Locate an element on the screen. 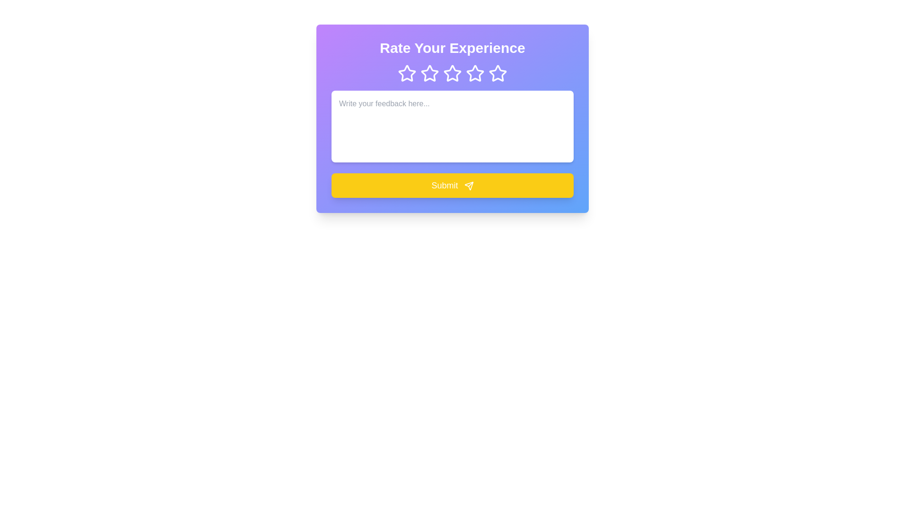 The width and height of the screenshot is (908, 510). the third star icon is located at coordinates (475, 73).